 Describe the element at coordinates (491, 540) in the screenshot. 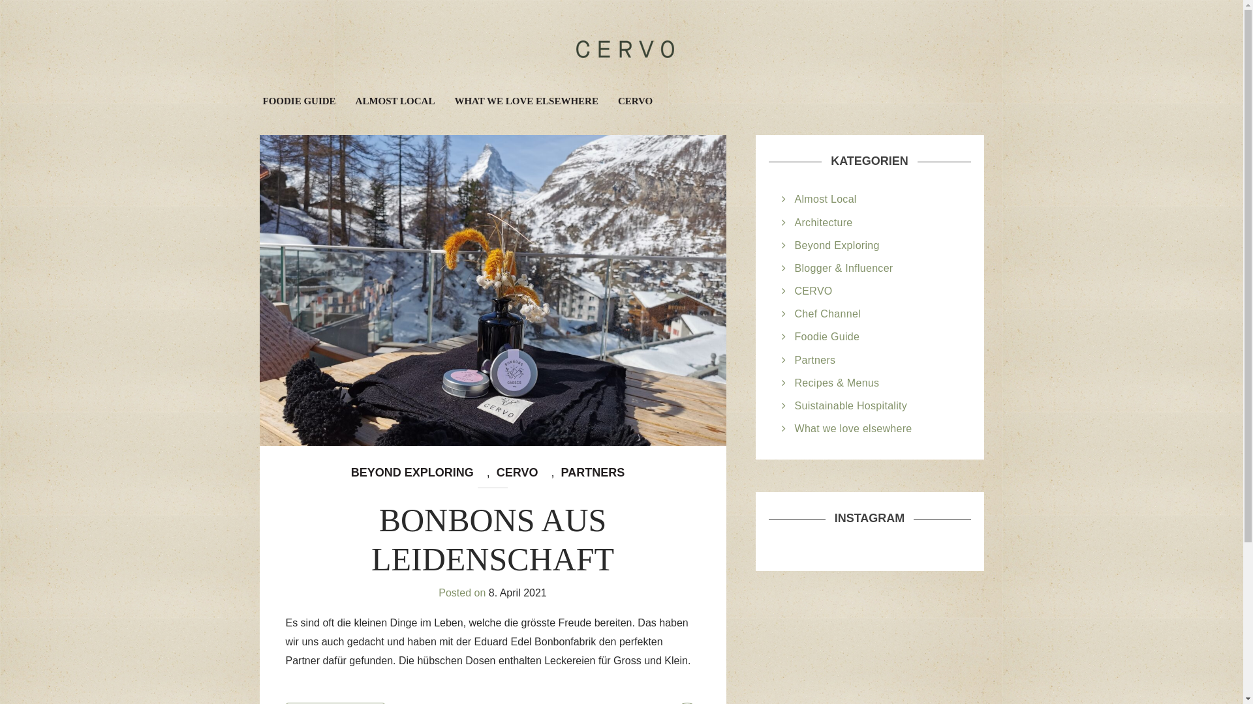

I see `'BONBONS AUS LEIDENSCHAFT'` at that location.